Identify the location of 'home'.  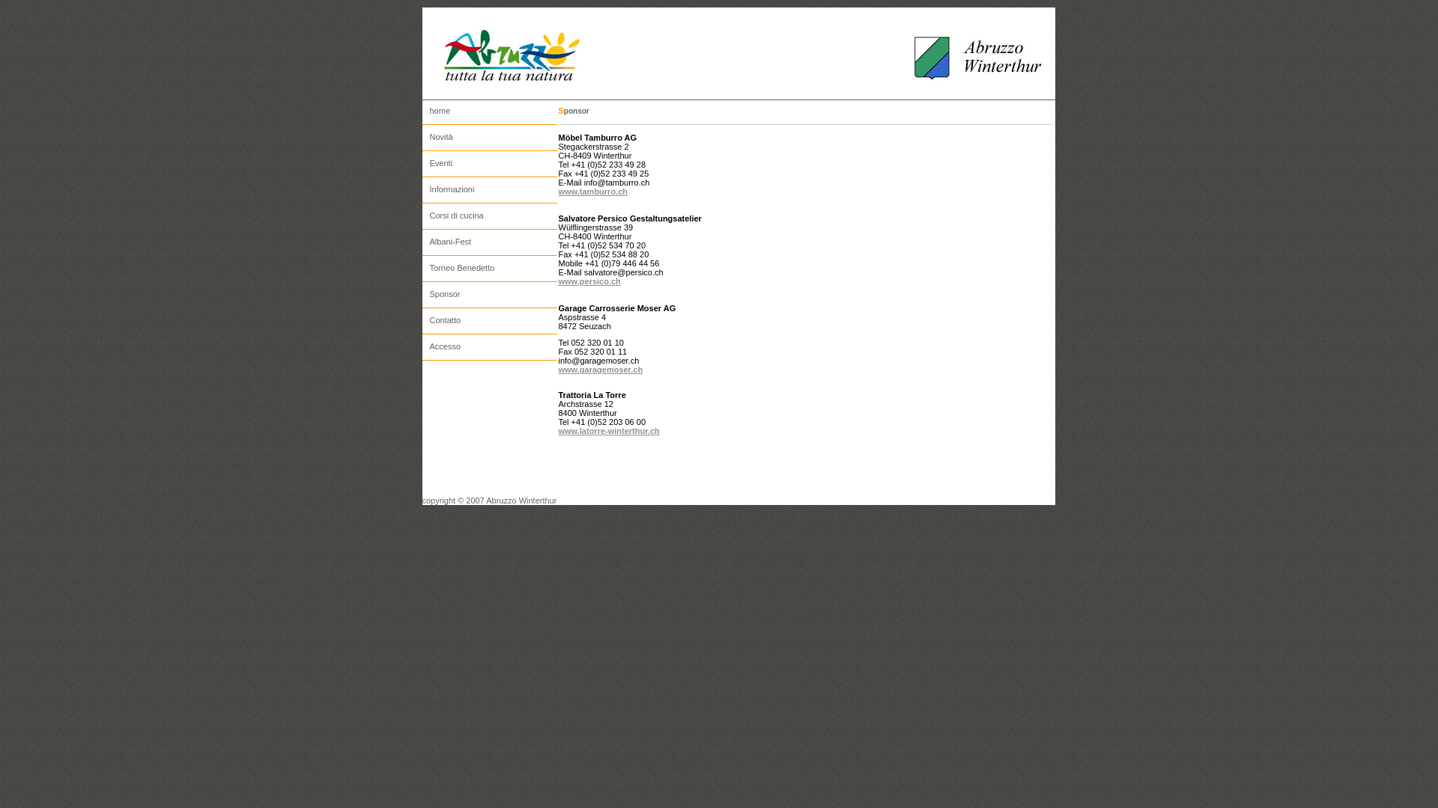
(489, 111).